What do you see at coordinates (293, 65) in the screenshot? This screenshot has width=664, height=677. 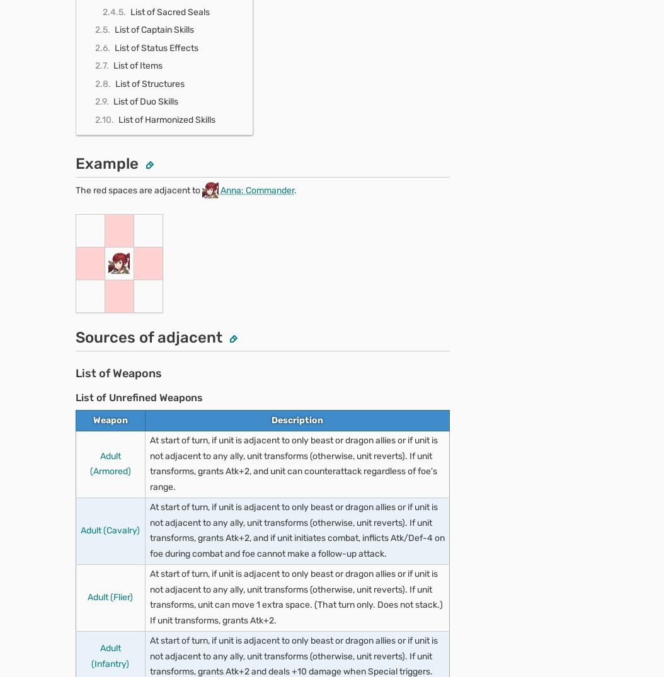 I see `'If unit's Spd > foe's Spd during combat, neutralizes effects that guarantee foe's follow-up attacks and effects that prevent unit's follow-up attacks for 1 turn.'` at bounding box center [293, 65].